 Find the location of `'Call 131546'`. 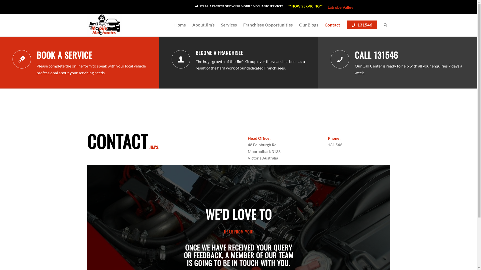

'Call 131546' is located at coordinates (340, 59).